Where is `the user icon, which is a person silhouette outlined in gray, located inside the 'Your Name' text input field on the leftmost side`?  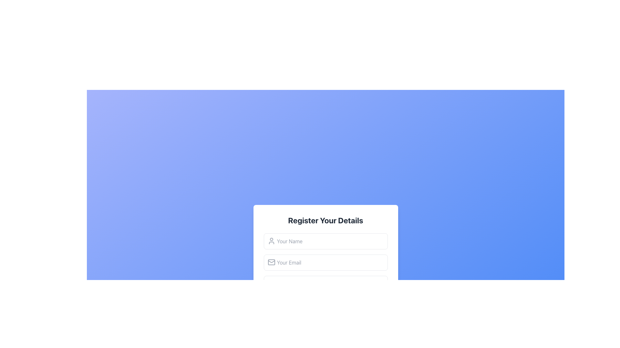
the user icon, which is a person silhouette outlined in gray, located inside the 'Your Name' text input field on the leftmost side is located at coordinates (271, 241).